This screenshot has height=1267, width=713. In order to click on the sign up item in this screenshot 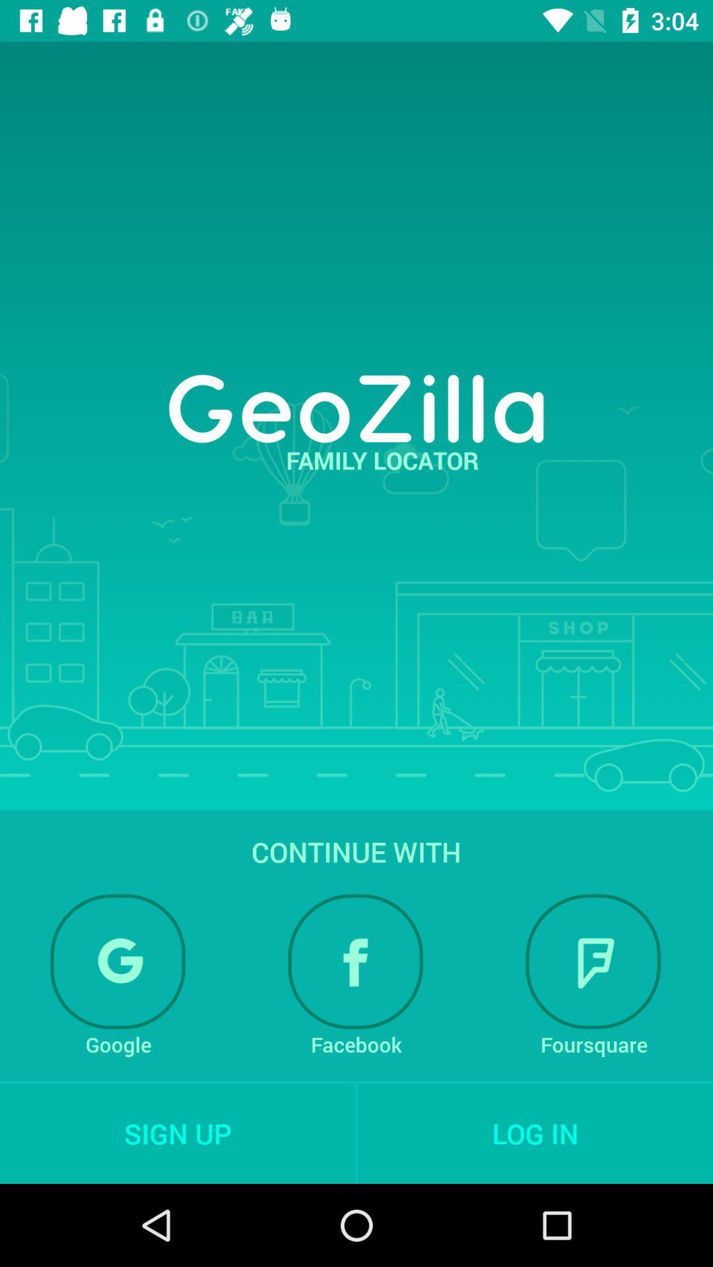, I will do `click(177, 1132)`.